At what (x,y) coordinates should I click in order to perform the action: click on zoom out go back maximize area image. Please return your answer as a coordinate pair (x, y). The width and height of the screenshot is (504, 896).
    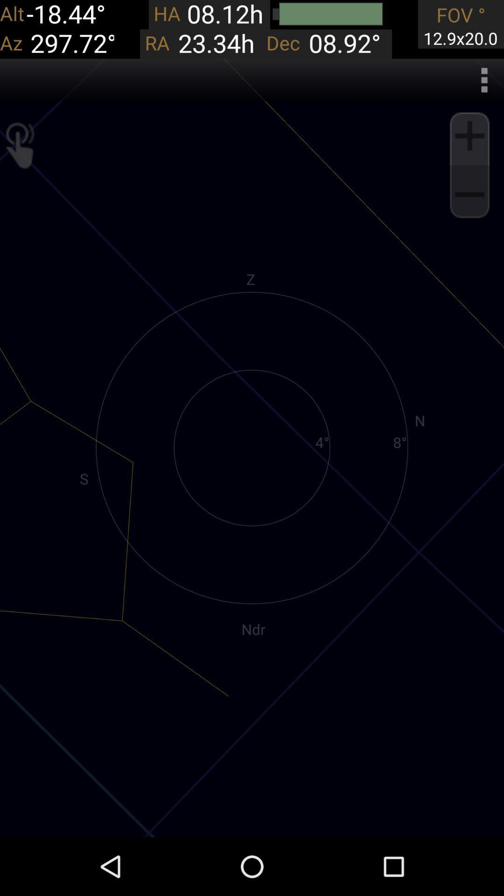
    Looking at the image, I should click on (469, 194).